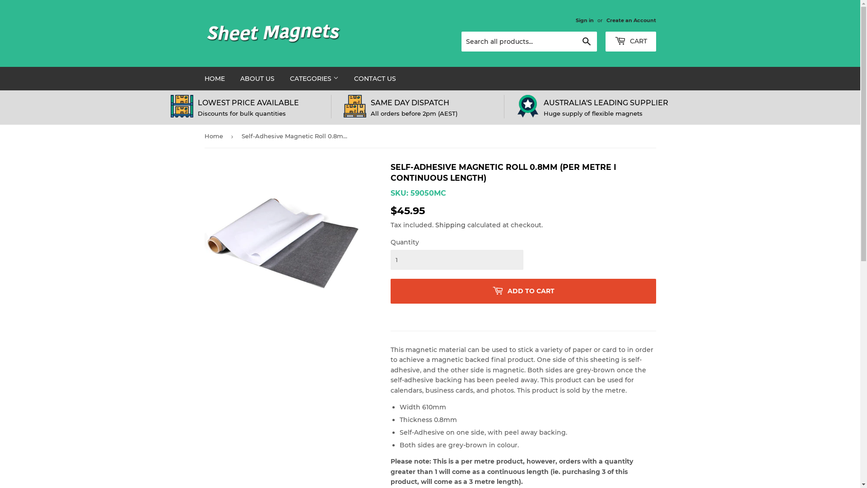 The width and height of the screenshot is (867, 488). What do you see at coordinates (214, 136) in the screenshot?
I see `'Home'` at bounding box center [214, 136].